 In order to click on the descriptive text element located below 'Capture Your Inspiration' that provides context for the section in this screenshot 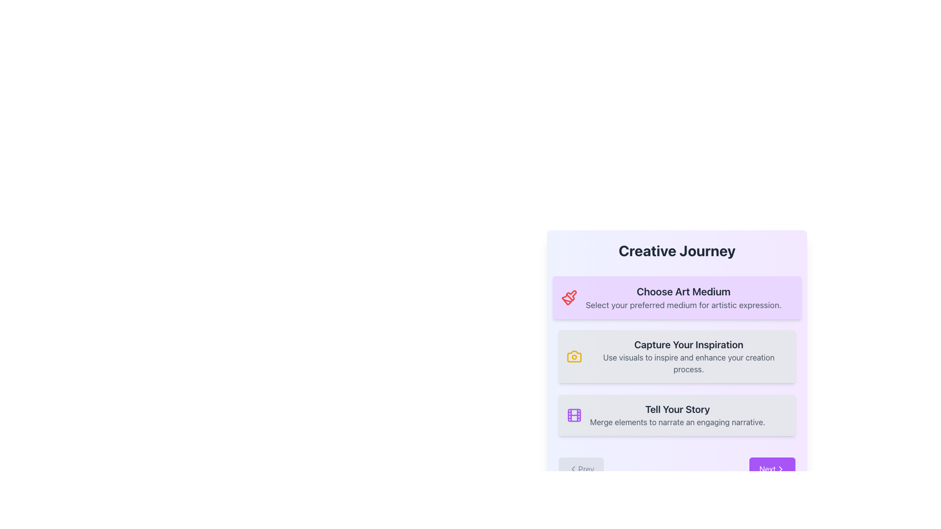, I will do `click(688, 363)`.